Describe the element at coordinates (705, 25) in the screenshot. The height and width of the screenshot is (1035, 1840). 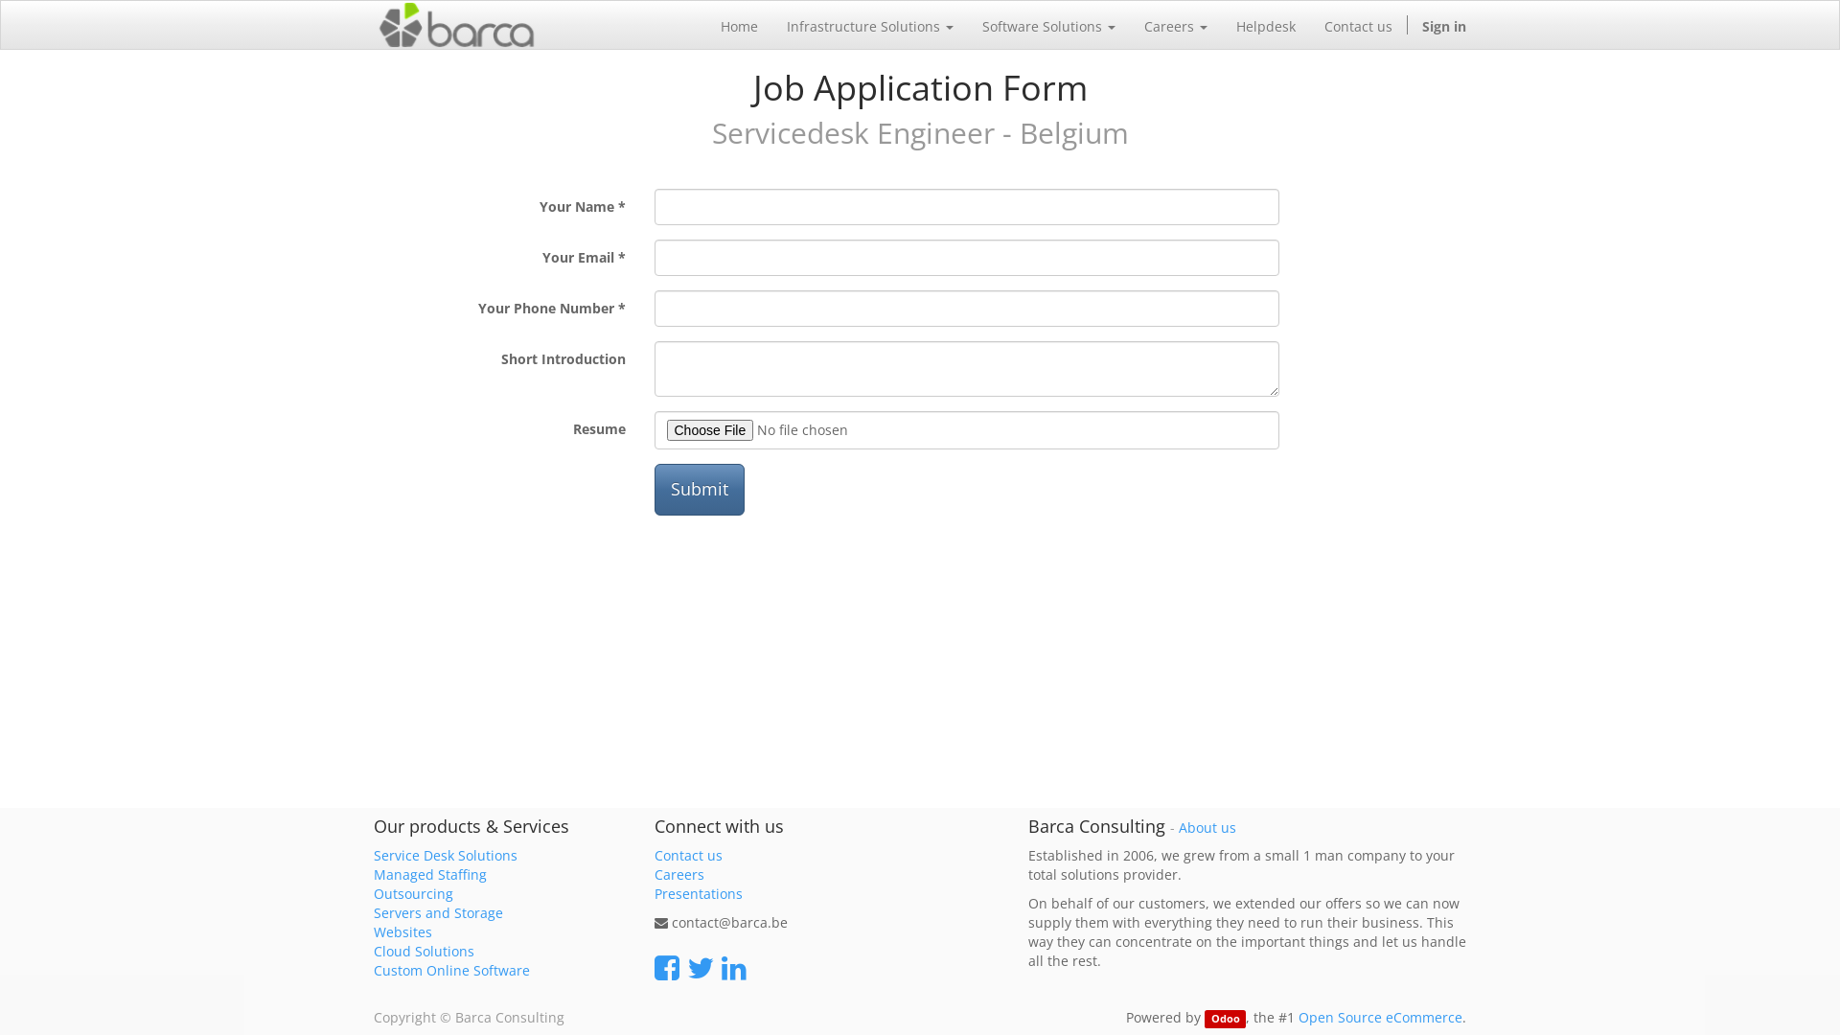
I see `'Home'` at that location.